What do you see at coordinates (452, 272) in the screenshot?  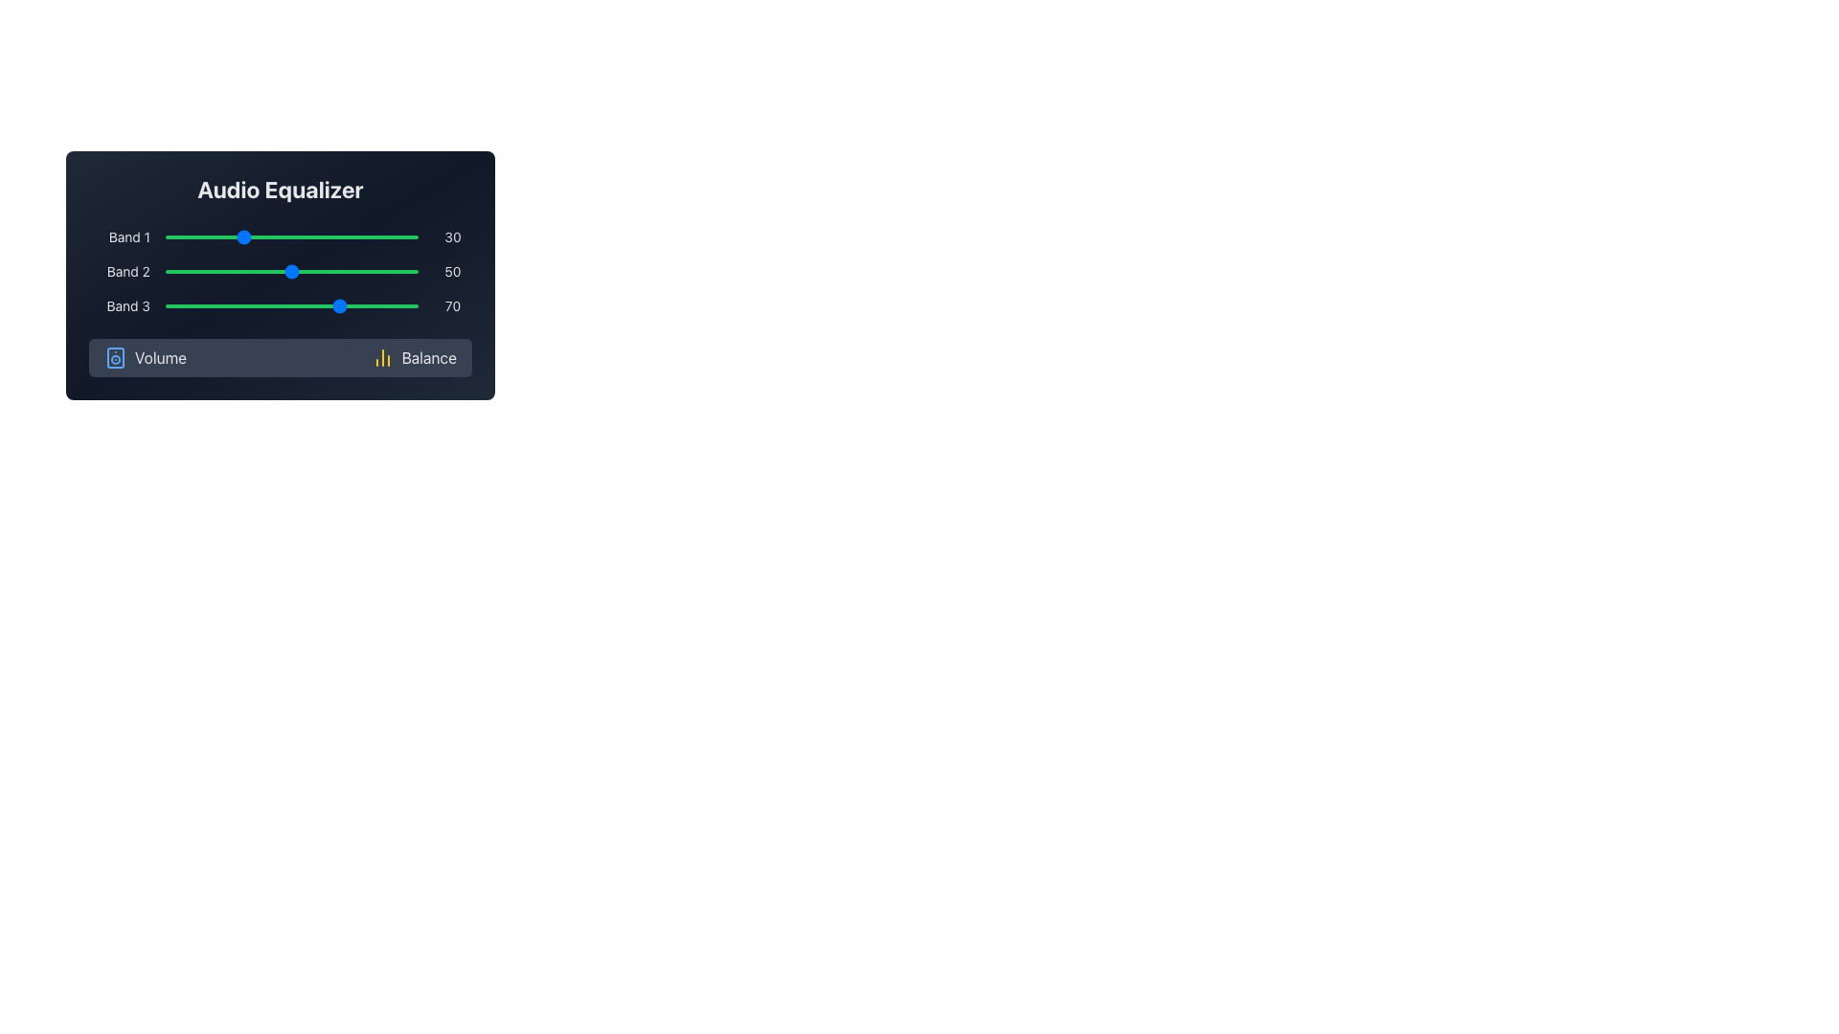 I see `numerical value displayed in the Label showing '50', which is located to the right of the 'Band 2' slider in the 'Audio Equalizer' section` at bounding box center [452, 272].